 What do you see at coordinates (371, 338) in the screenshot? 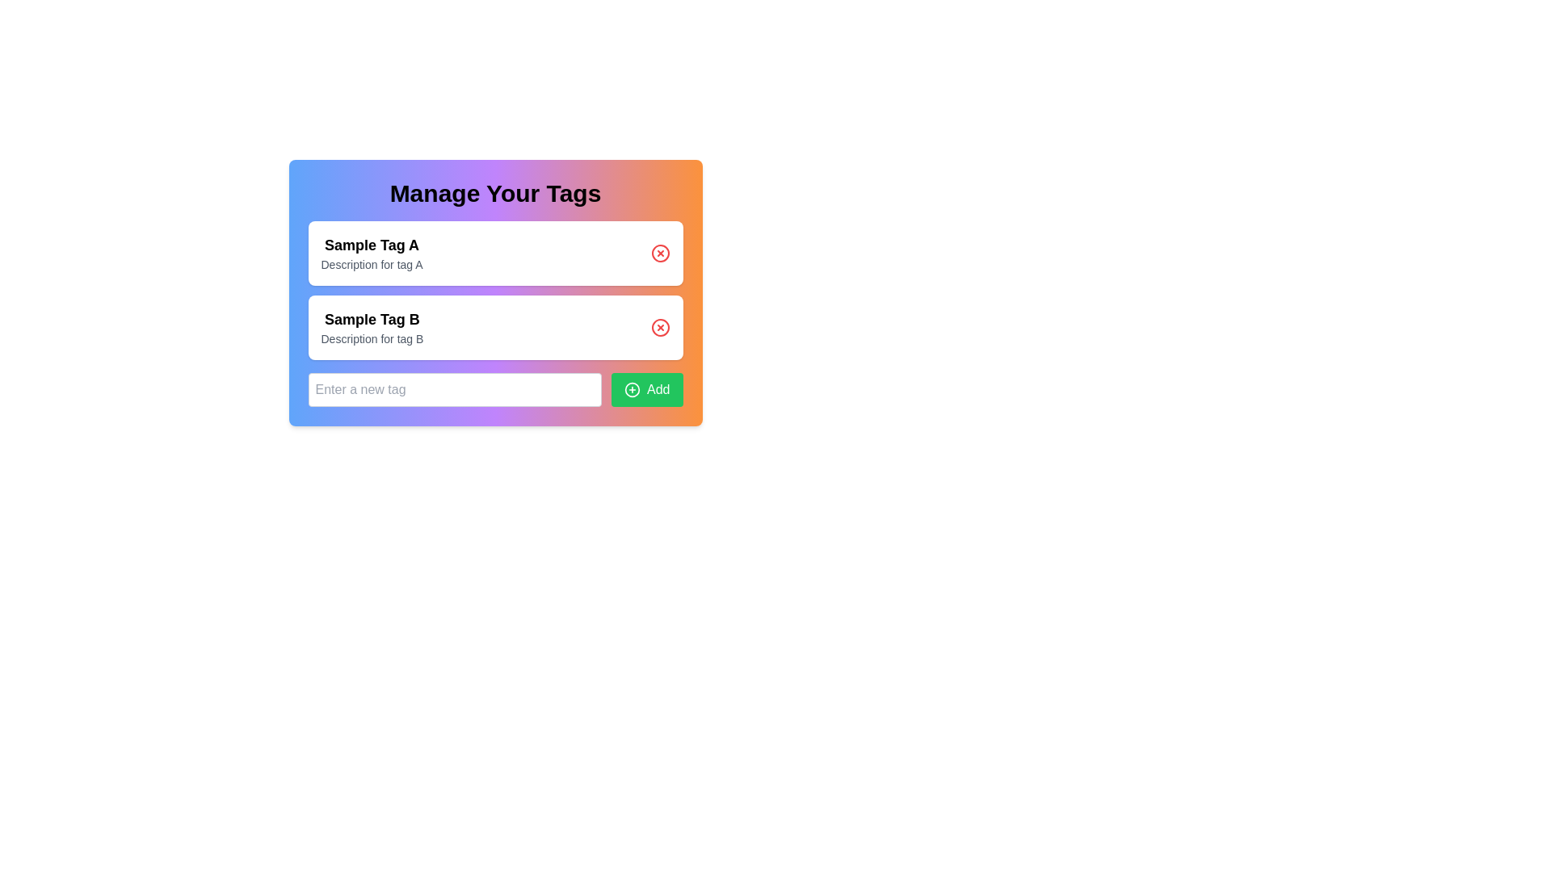
I see `the descriptive text label providing additional information about 'Sample Tag B', located beneath the title 'Sample Tag B' in the 'Manage Your Tags' section` at bounding box center [371, 338].